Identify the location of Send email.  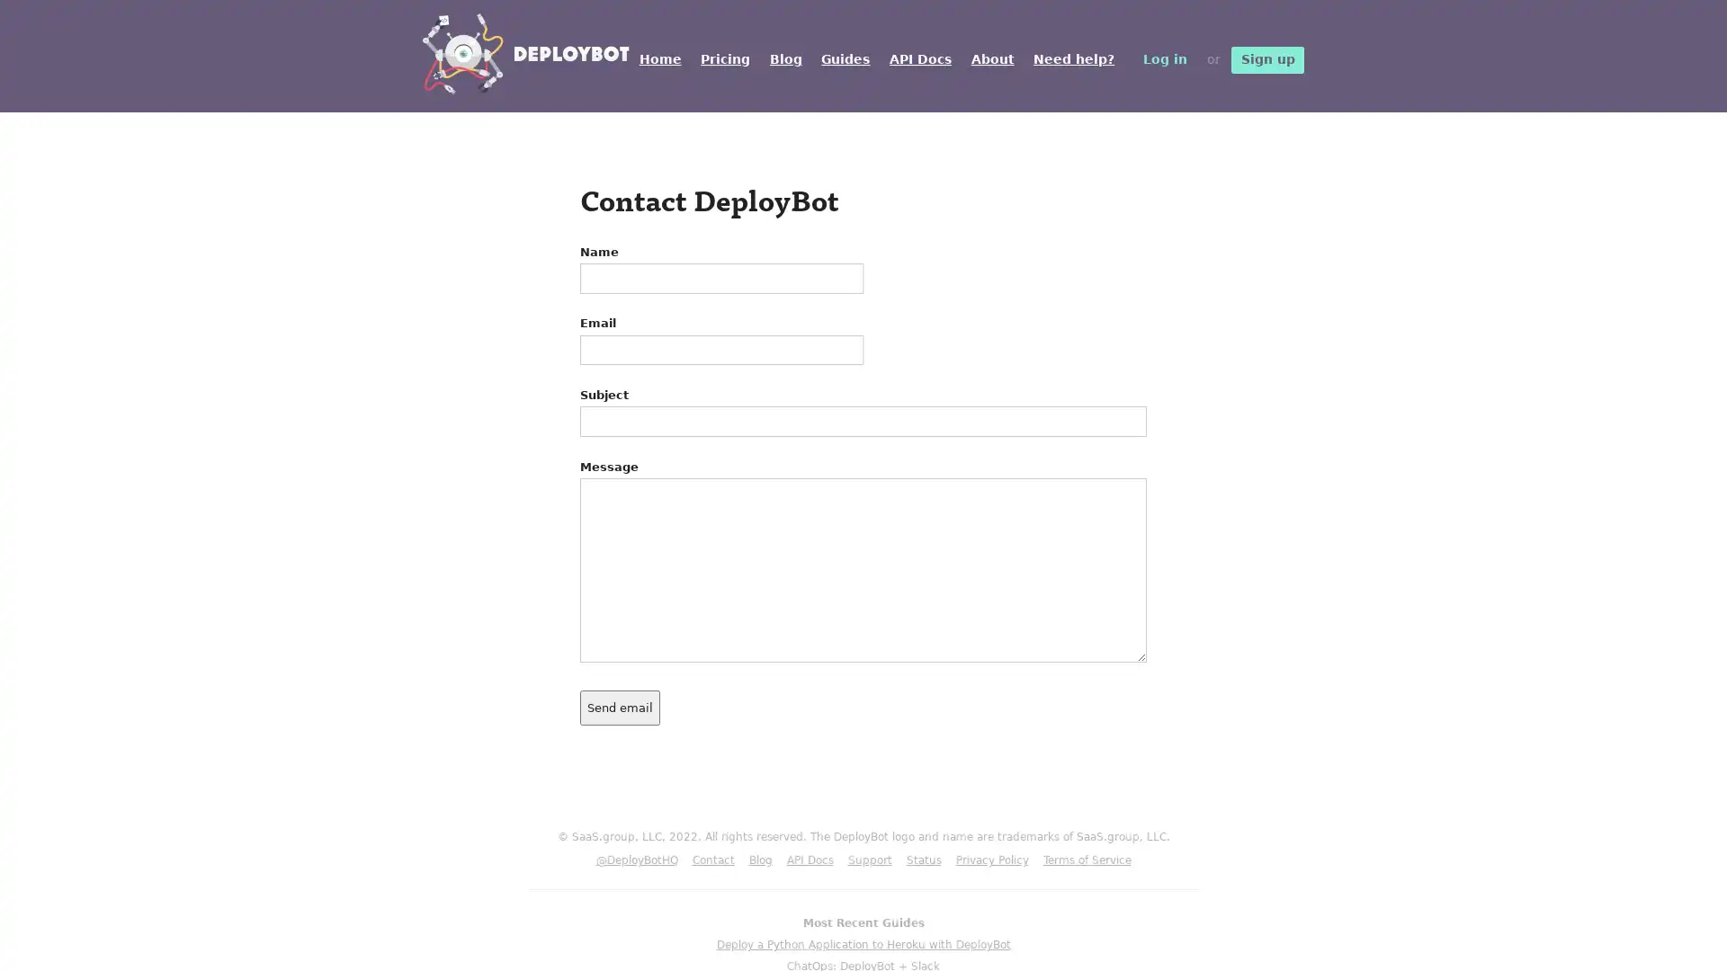
(620, 707).